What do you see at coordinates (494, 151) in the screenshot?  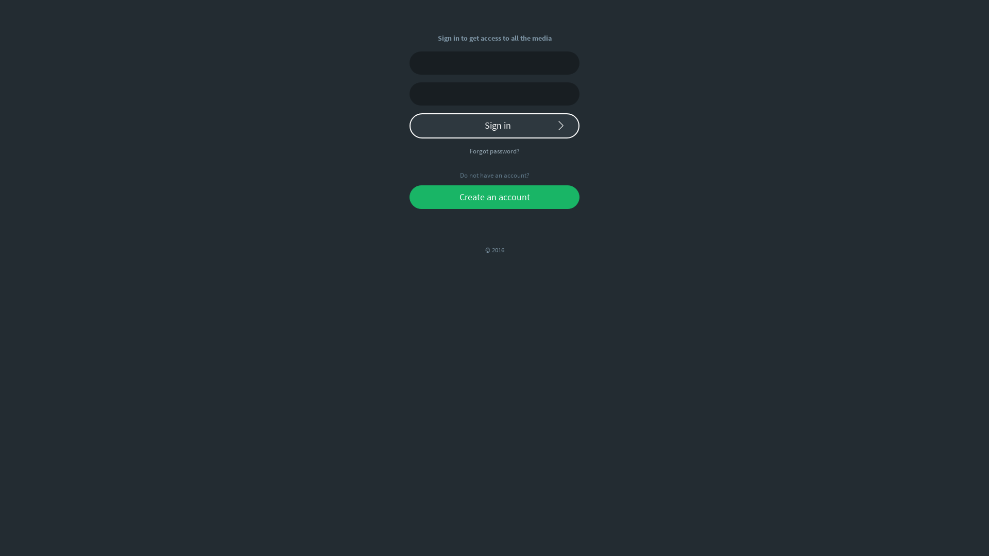 I see `'Forgot password?'` at bounding box center [494, 151].